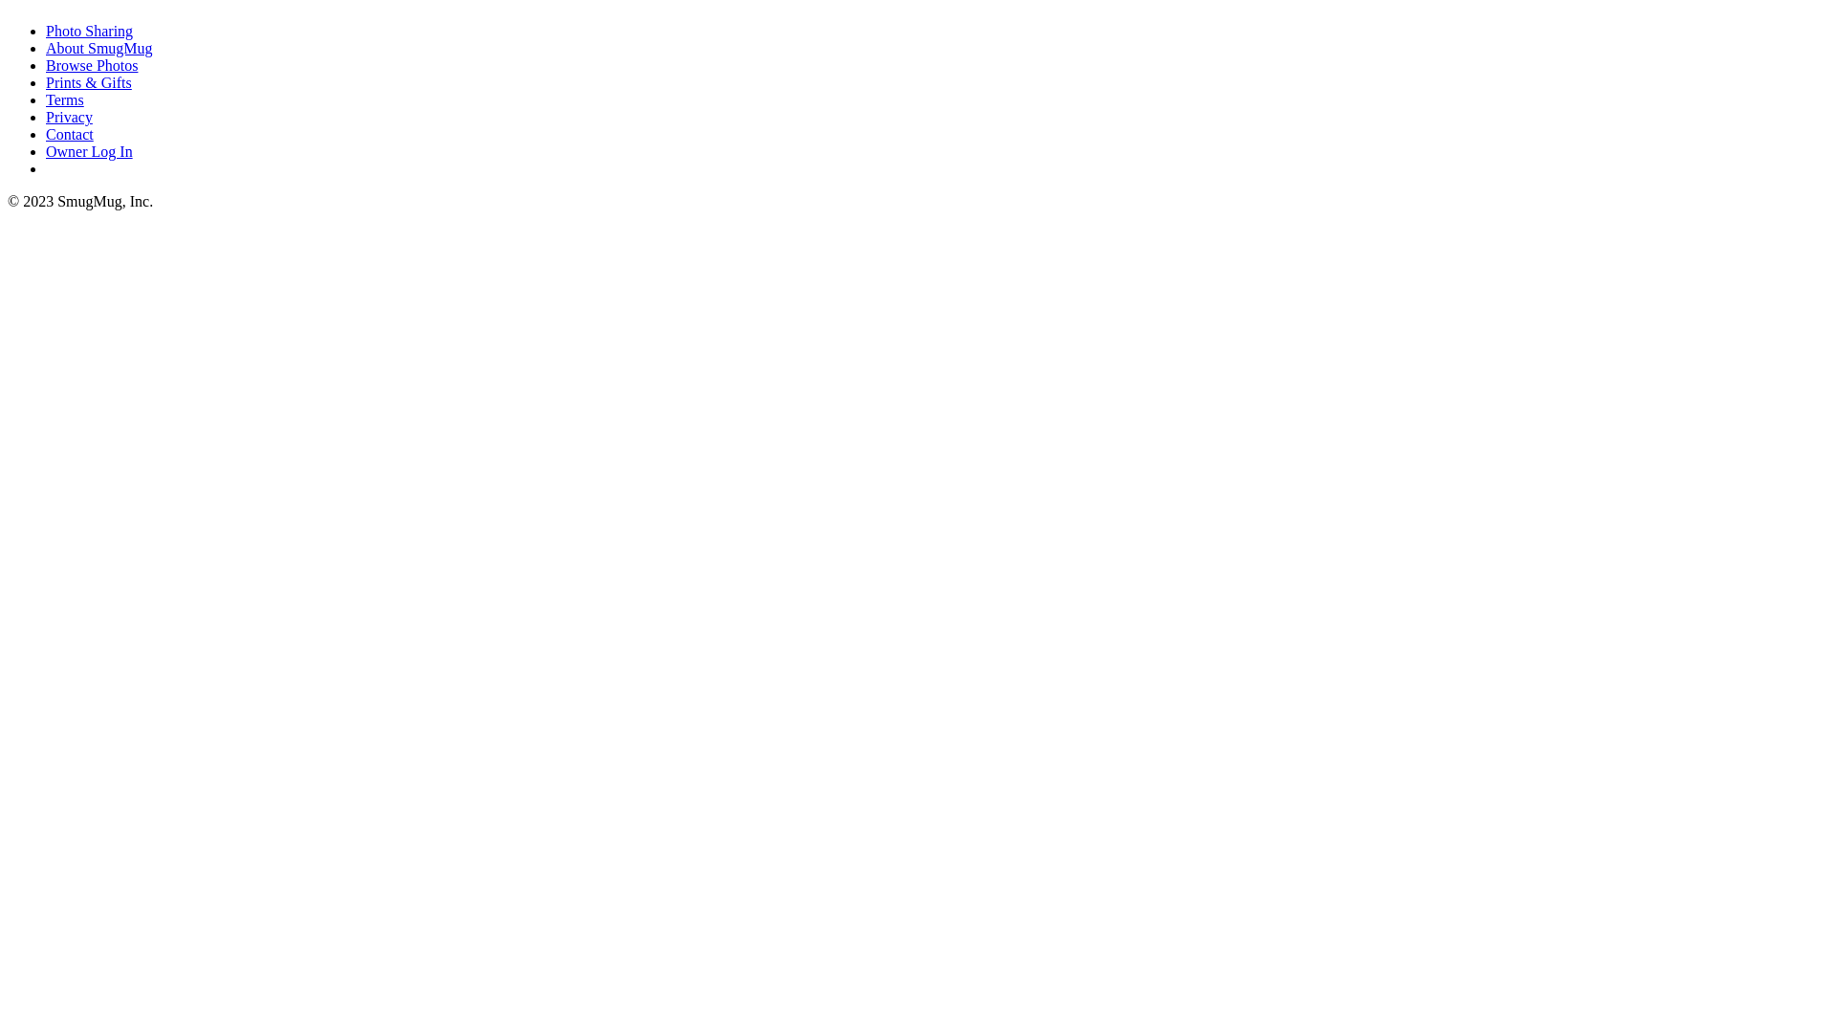  Describe the element at coordinates (69, 133) in the screenshot. I see `'Contact'` at that location.